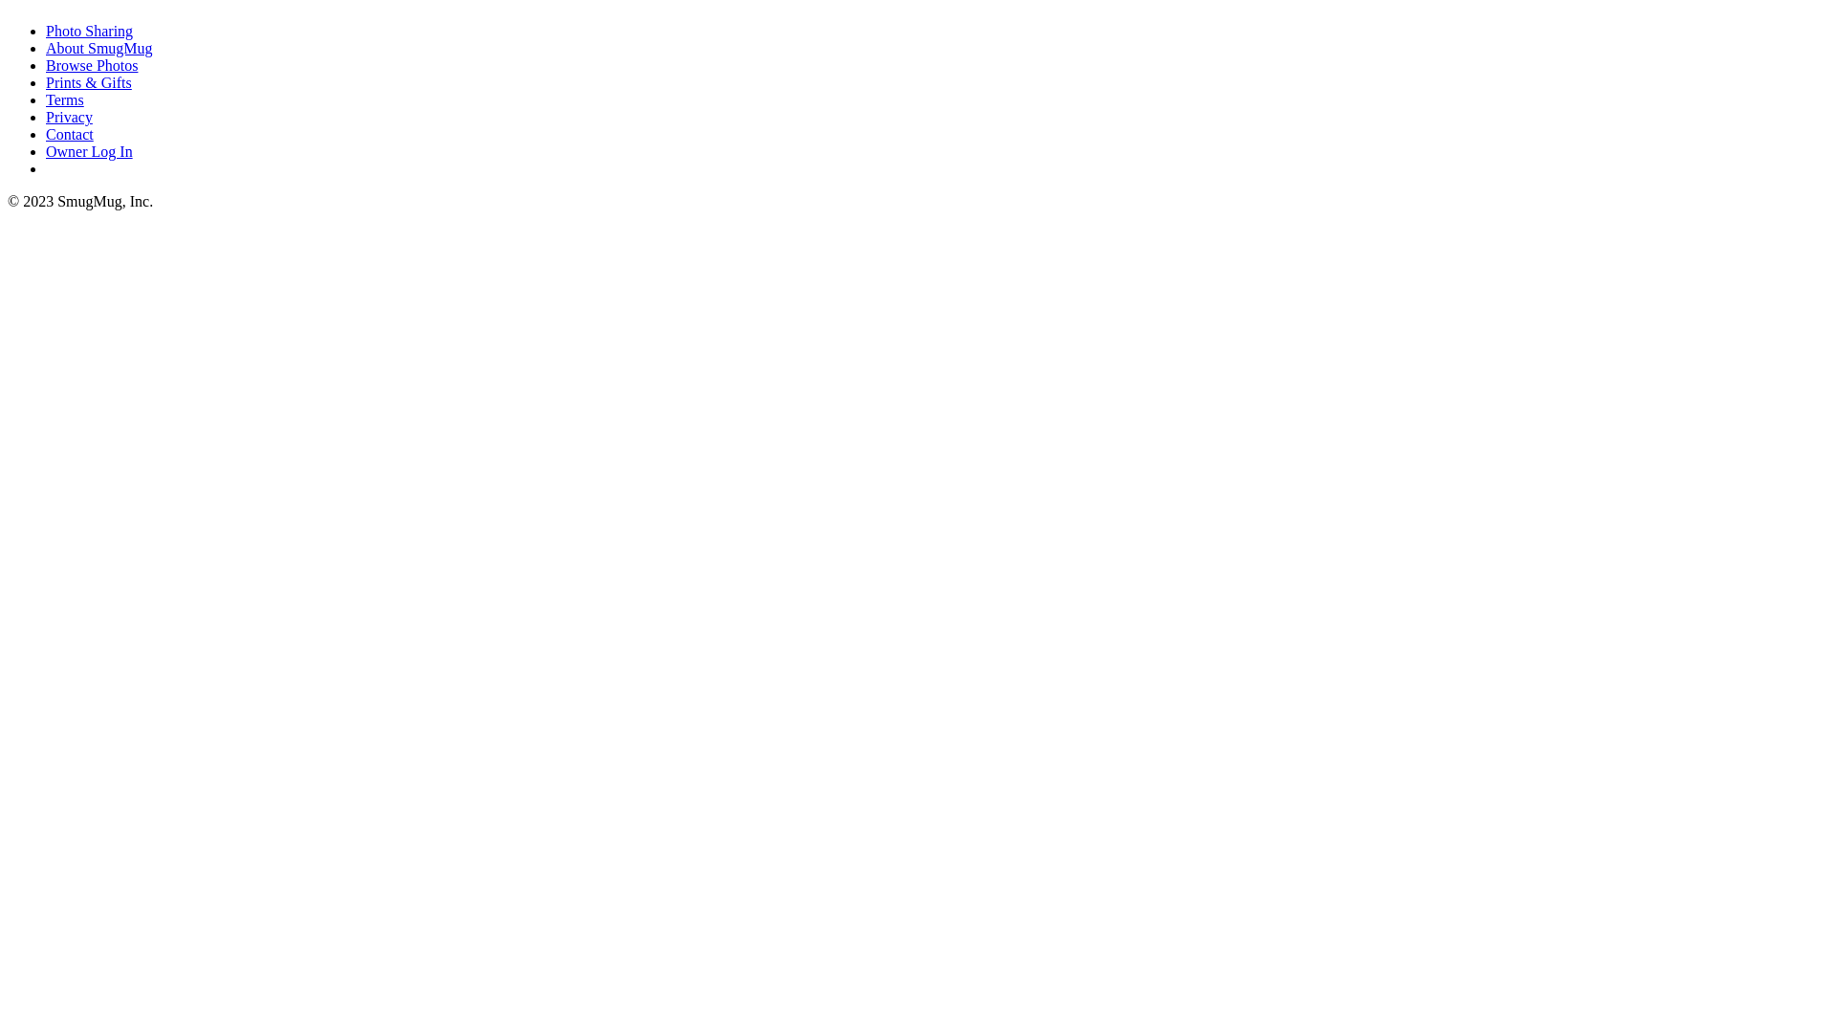  Describe the element at coordinates (69, 133) in the screenshot. I see `'Contact'` at that location.